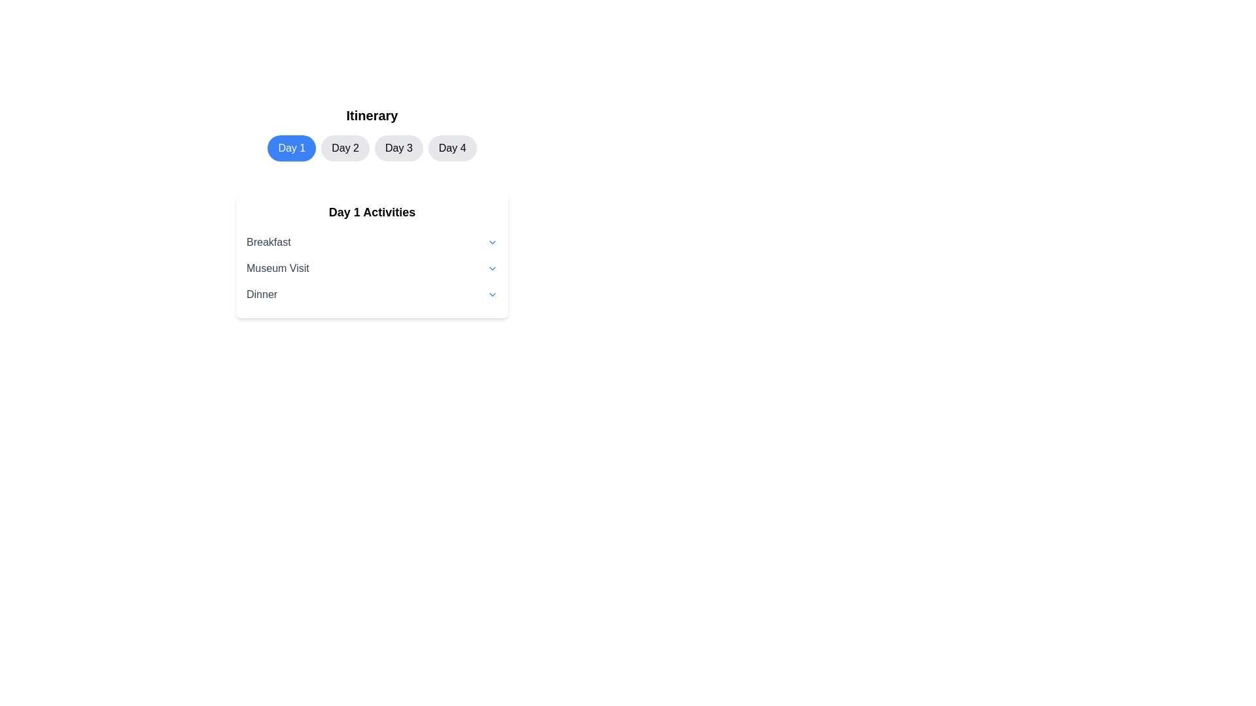  I want to click on the dropdown control button located to the far right of the 'Museum Visit' row, so click(492, 268).